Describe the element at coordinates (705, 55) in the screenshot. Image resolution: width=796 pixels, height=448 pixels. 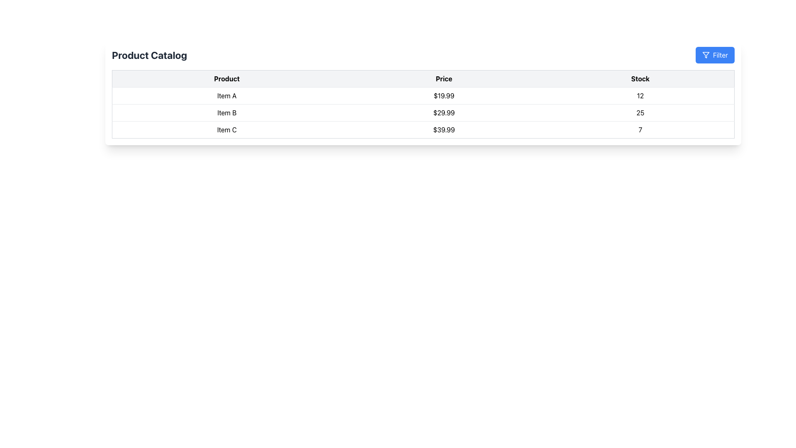
I see `the filter icon located at the top-right corner of the layout, which visually signifies the function of filtering data` at that location.